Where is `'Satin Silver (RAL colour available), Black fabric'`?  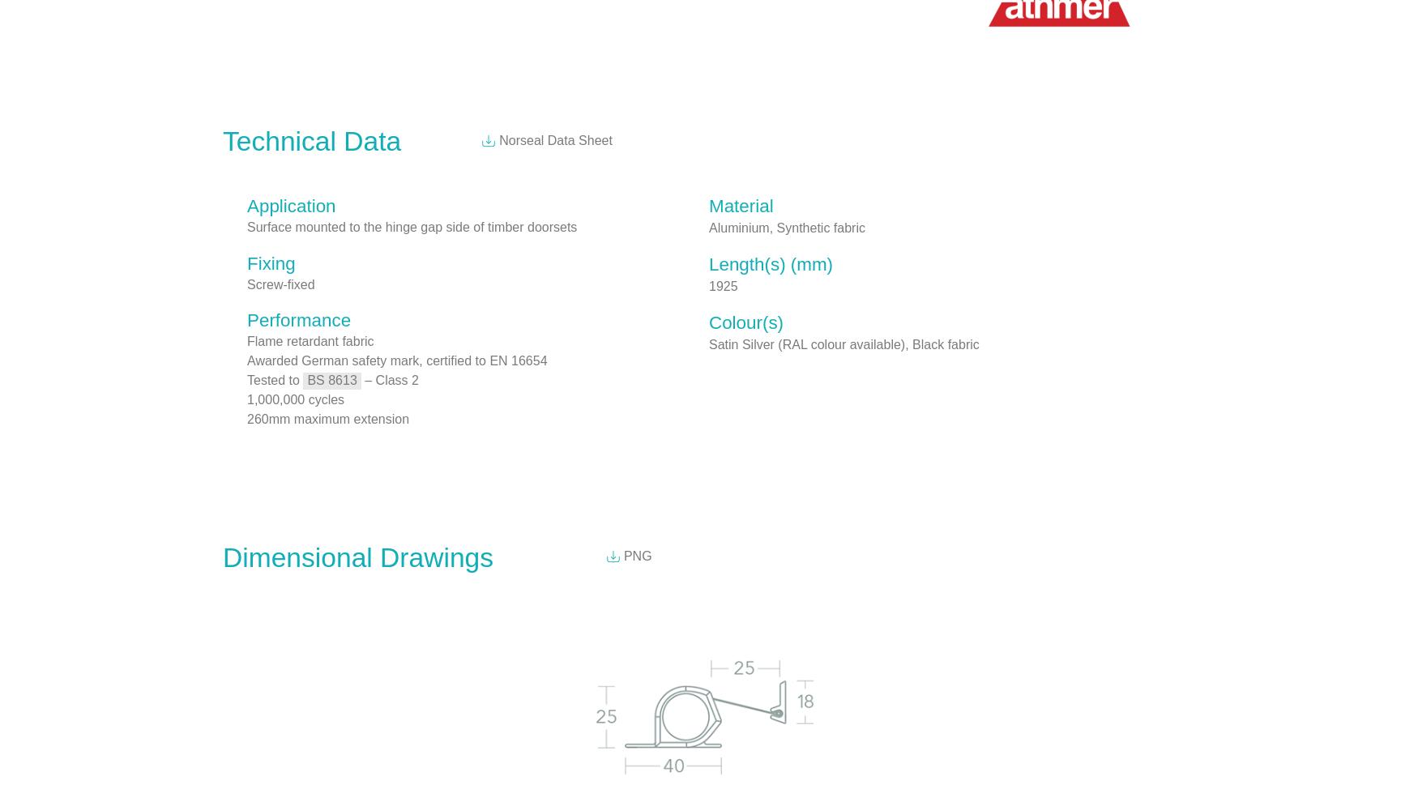 'Satin Silver (RAL colour available), Black fabric' is located at coordinates (709, 343).